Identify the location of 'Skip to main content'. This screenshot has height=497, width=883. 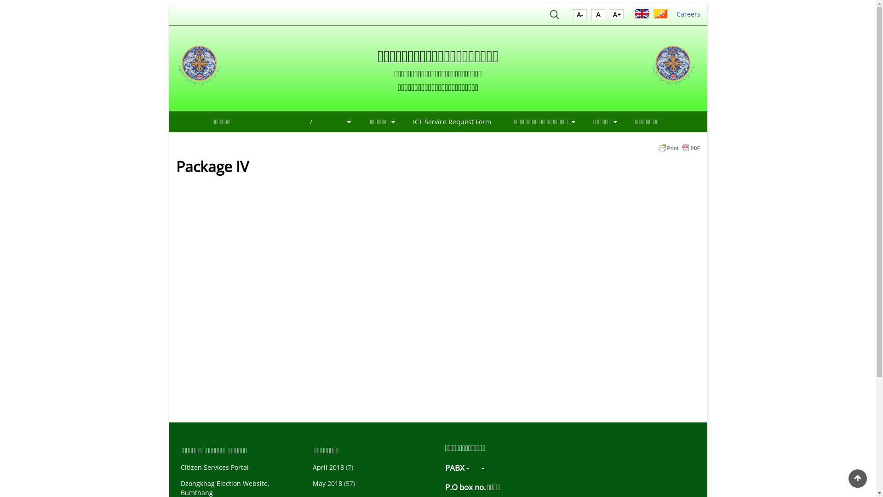
(0, 0).